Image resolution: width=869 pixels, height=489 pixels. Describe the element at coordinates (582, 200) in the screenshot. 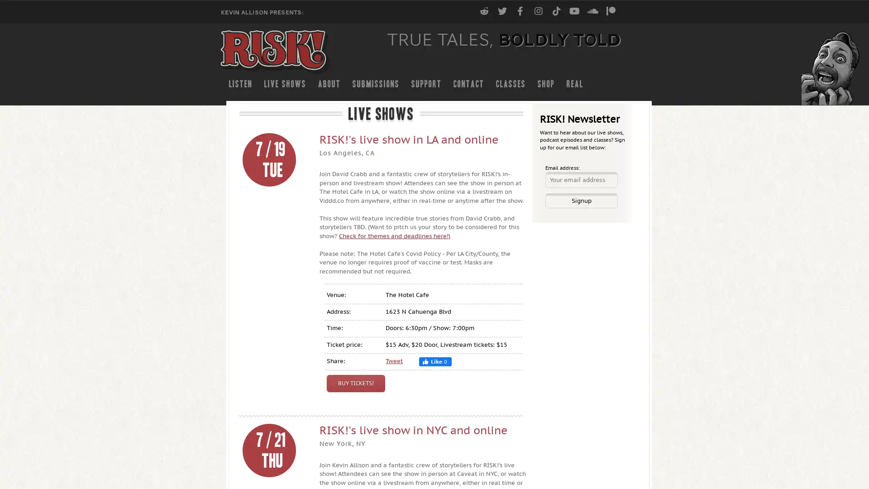

I see `Signup` at that location.